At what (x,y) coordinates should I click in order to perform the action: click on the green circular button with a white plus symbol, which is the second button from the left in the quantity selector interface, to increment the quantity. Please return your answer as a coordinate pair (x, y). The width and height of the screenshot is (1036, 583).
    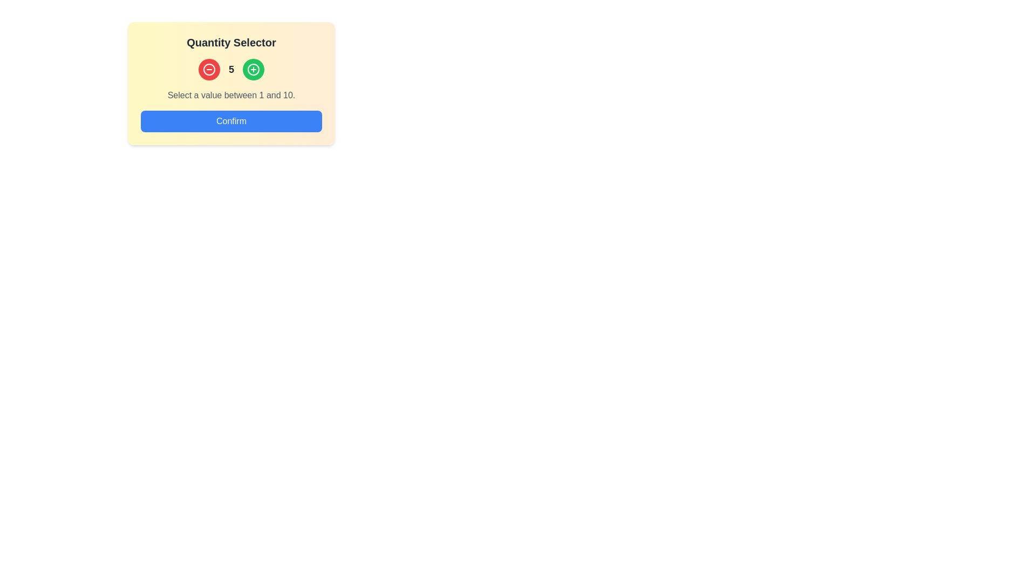
    Looking at the image, I should click on (253, 69).